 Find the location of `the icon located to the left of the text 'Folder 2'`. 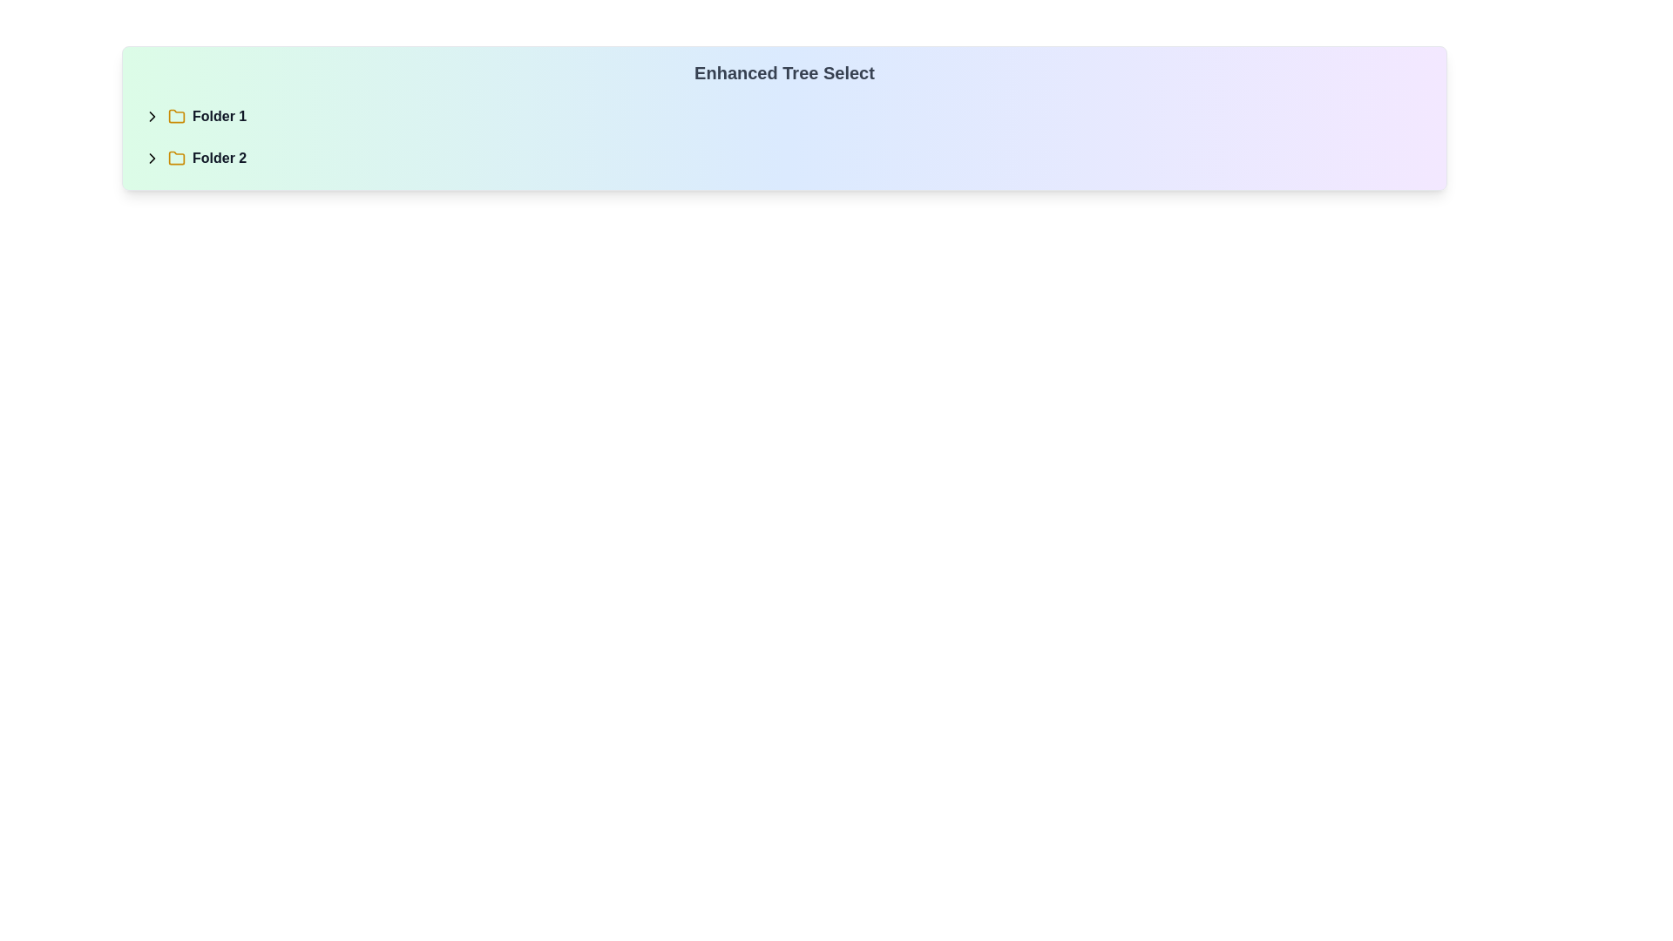

the icon located to the left of the text 'Folder 2' is located at coordinates (152, 158).